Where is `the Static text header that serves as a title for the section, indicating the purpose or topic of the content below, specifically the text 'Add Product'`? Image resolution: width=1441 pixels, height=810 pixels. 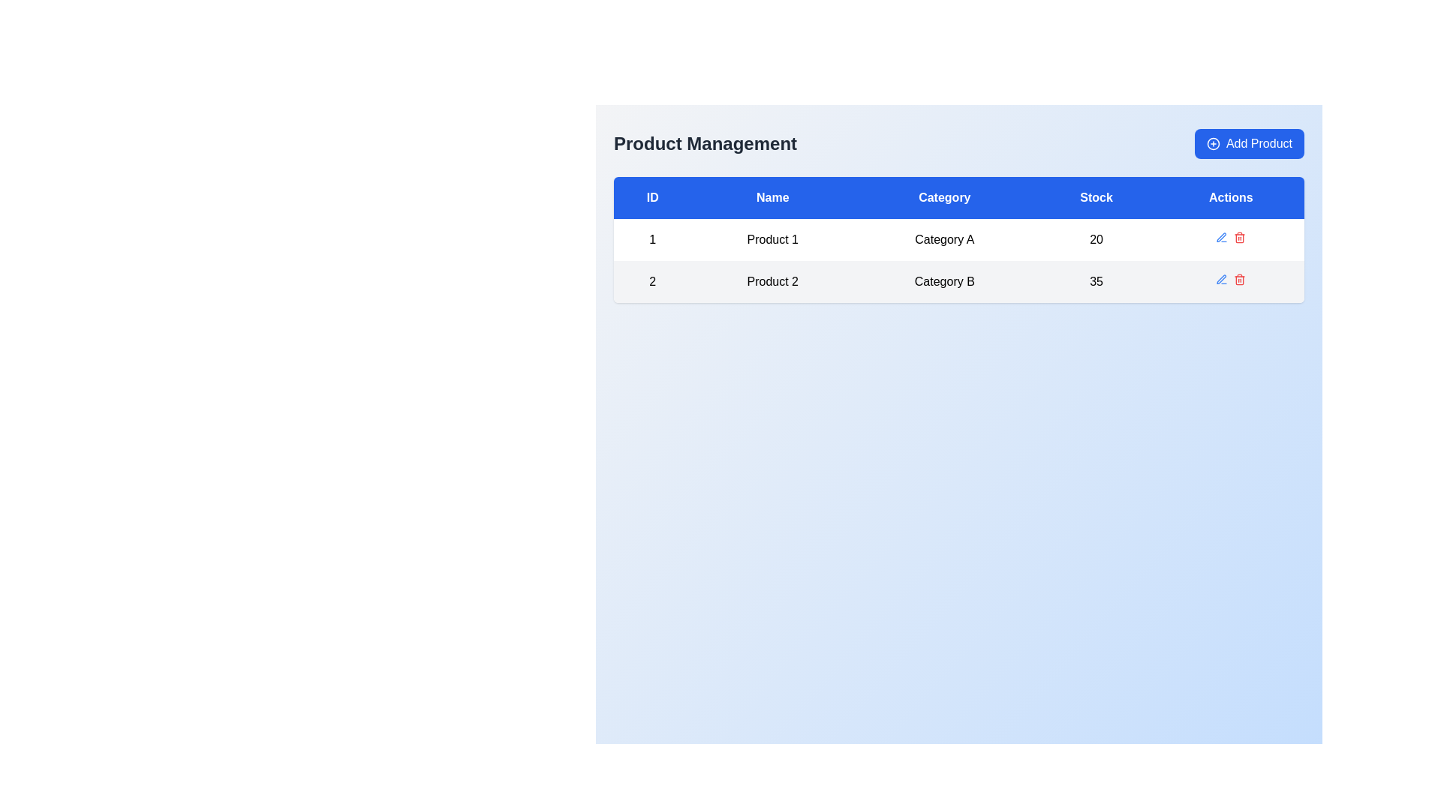
the Static text header that serves as a title for the section, indicating the purpose or topic of the content below, specifically the text 'Add Product' is located at coordinates (705, 144).